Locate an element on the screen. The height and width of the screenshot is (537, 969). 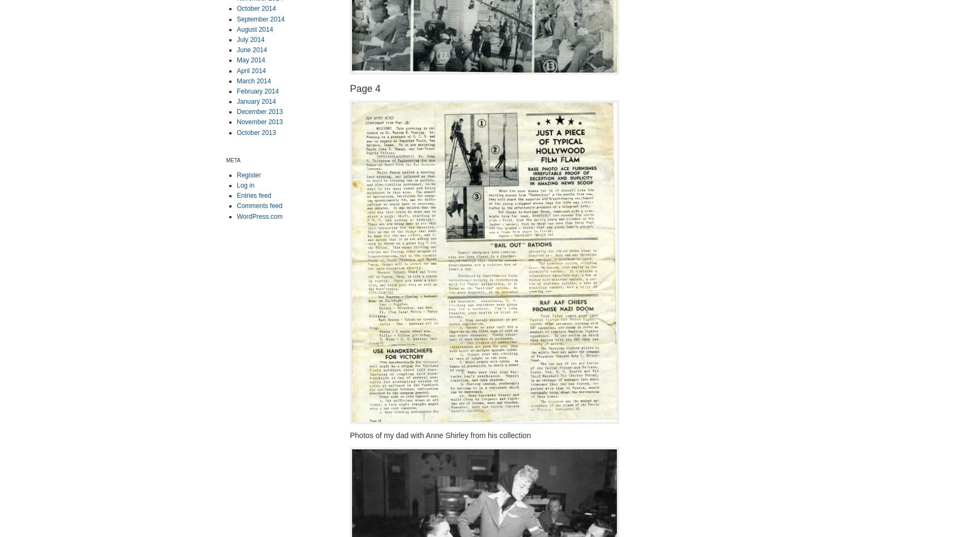
'December 2013' is located at coordinates (259, 111).